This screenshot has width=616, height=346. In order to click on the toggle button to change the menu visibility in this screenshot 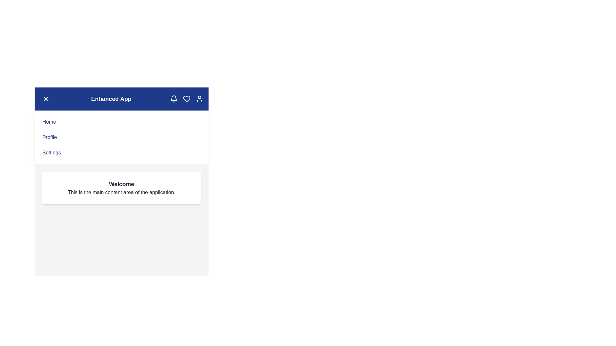, I will do `click(46, 99)`.